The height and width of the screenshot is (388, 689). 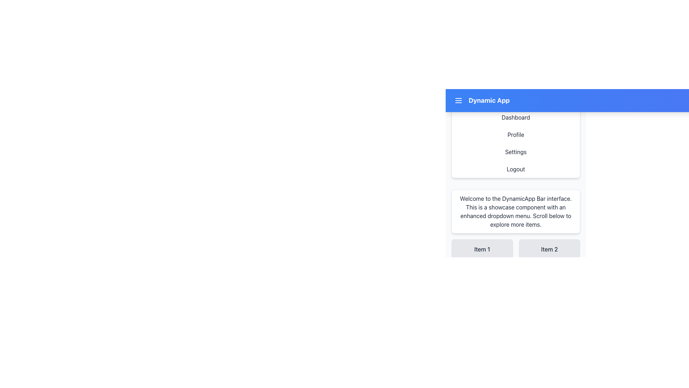 I want to click on the button labeled 'Item 2', which is the second item in a grid layout, so click(x=549, y=249).